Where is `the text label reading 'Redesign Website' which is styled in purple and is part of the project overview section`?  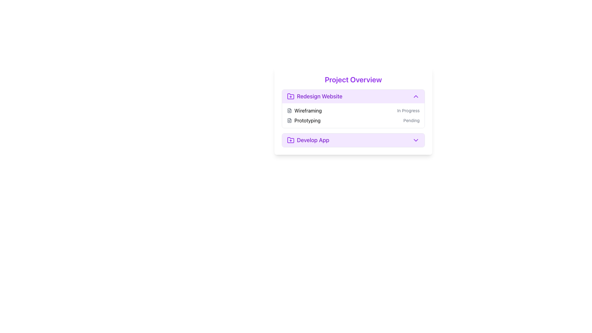 the text label reading 'Redesign Website' which is styled in purple and is part of the project overview section is located at coordinates (319, 96).